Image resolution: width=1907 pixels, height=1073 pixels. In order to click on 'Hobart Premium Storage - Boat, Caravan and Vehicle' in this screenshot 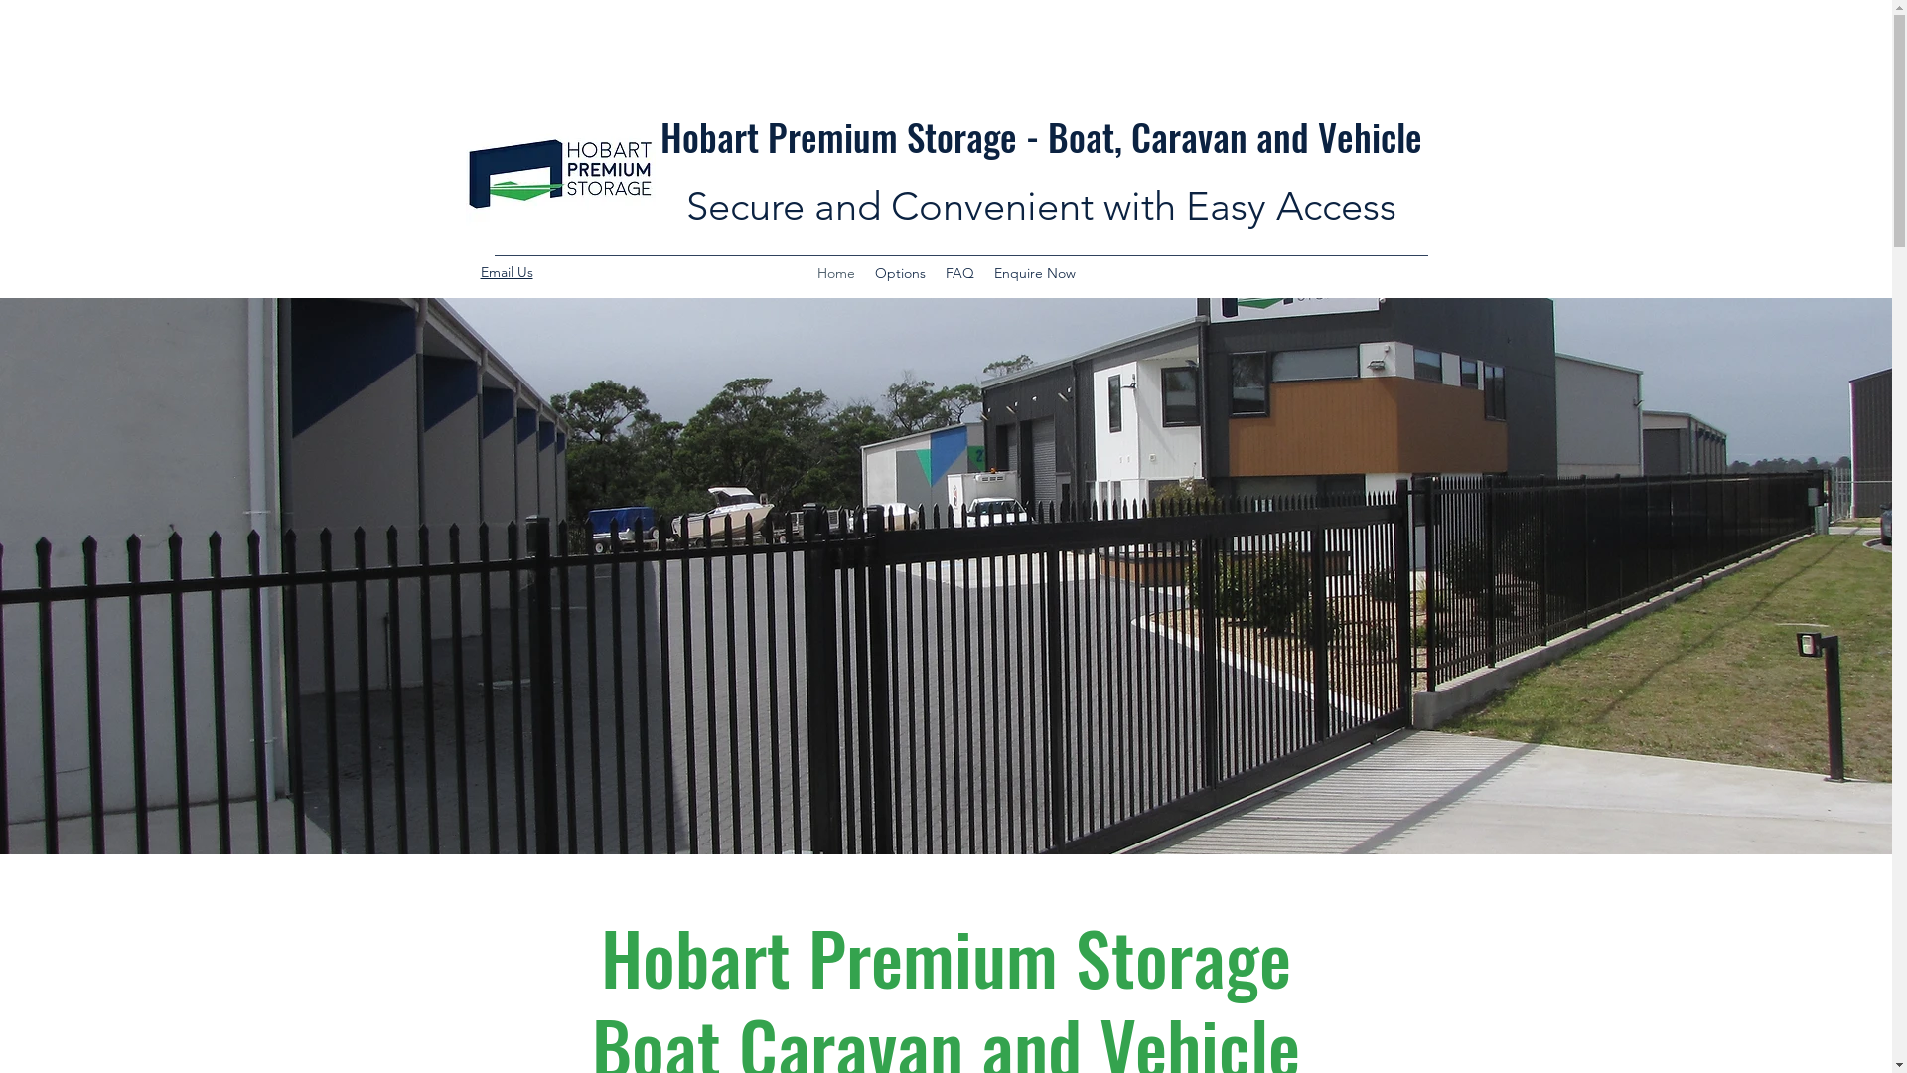, I will do `click(1040, 135)`.